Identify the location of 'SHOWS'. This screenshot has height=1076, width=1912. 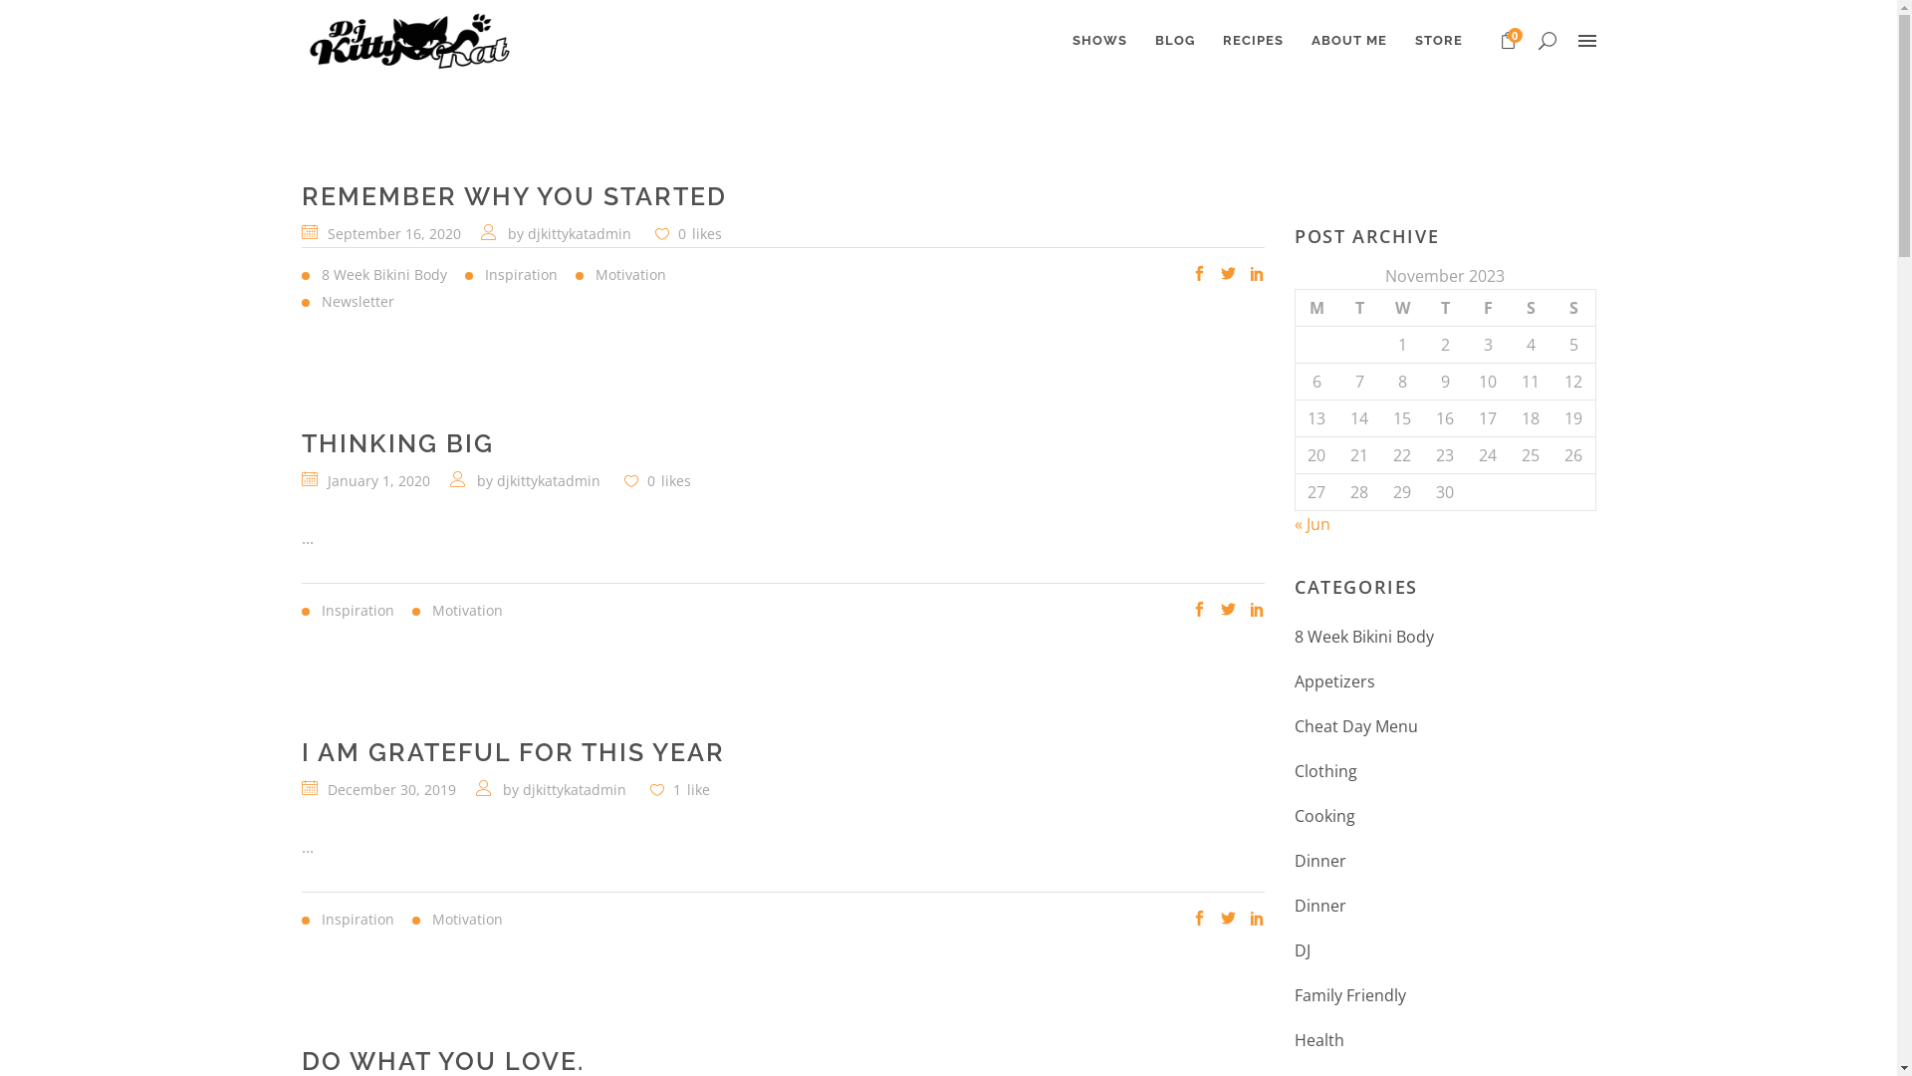
(1056, 41).